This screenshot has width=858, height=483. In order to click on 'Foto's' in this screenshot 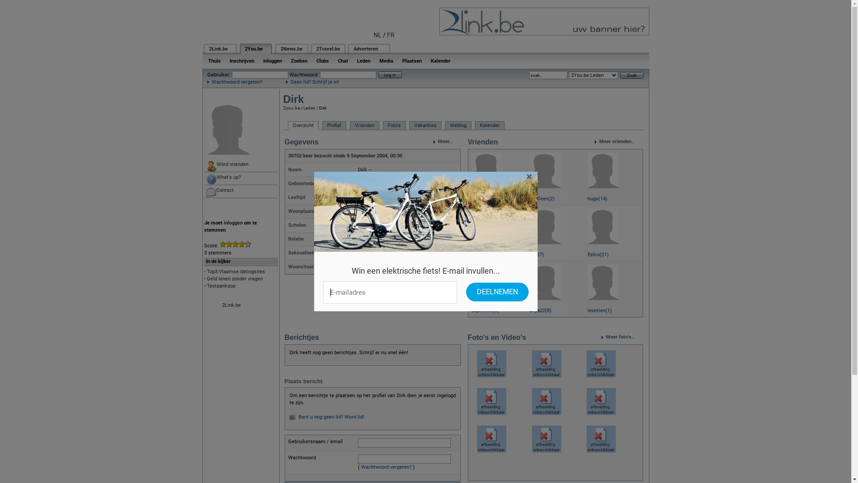, I will do `click(393, 126)`.